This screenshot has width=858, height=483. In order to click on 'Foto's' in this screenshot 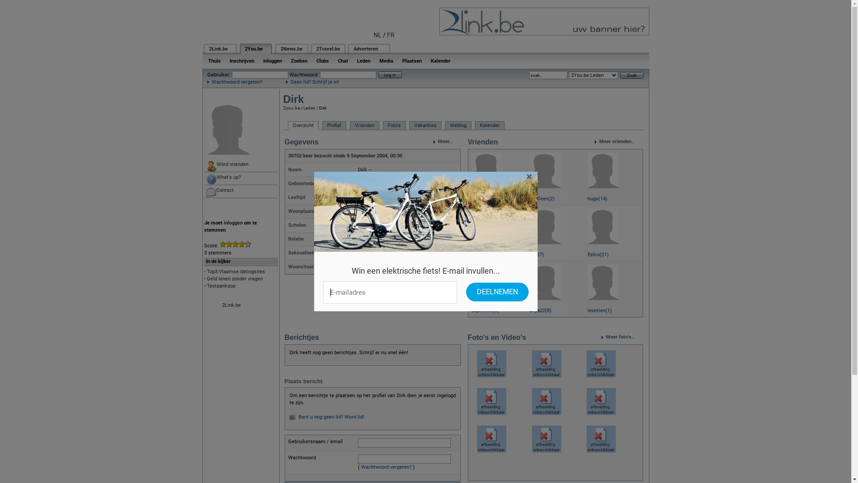, I will do `click(393, 126)`.